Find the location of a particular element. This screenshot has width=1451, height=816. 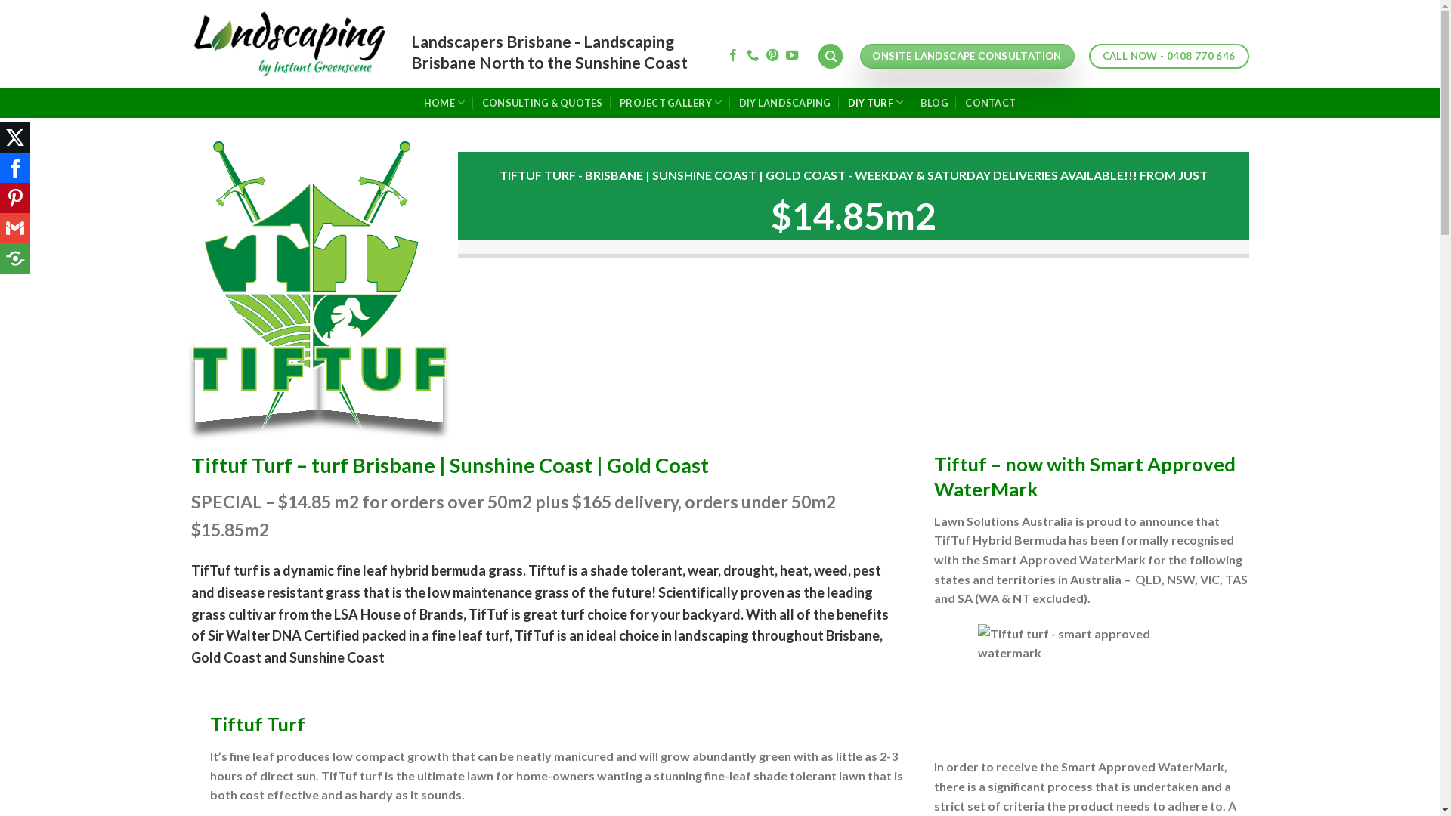

'Follow on Facebook' is located at coordinates (732, 54).